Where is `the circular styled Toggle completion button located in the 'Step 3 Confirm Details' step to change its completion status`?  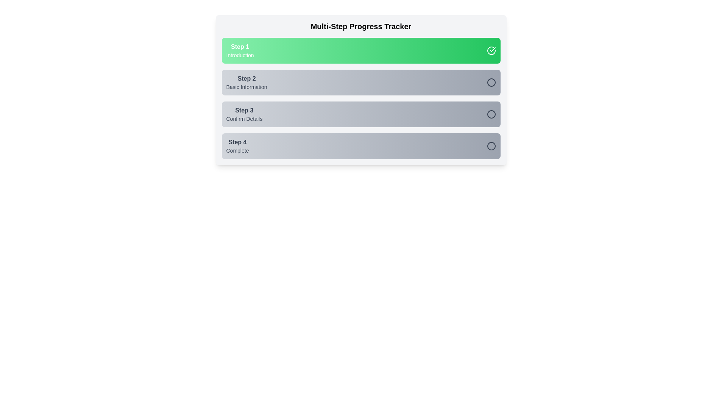
the circular styled Toggle completion button located in the 'Step 3 Confirm Details' step to change its completion status is located at coordinates (491, 114).